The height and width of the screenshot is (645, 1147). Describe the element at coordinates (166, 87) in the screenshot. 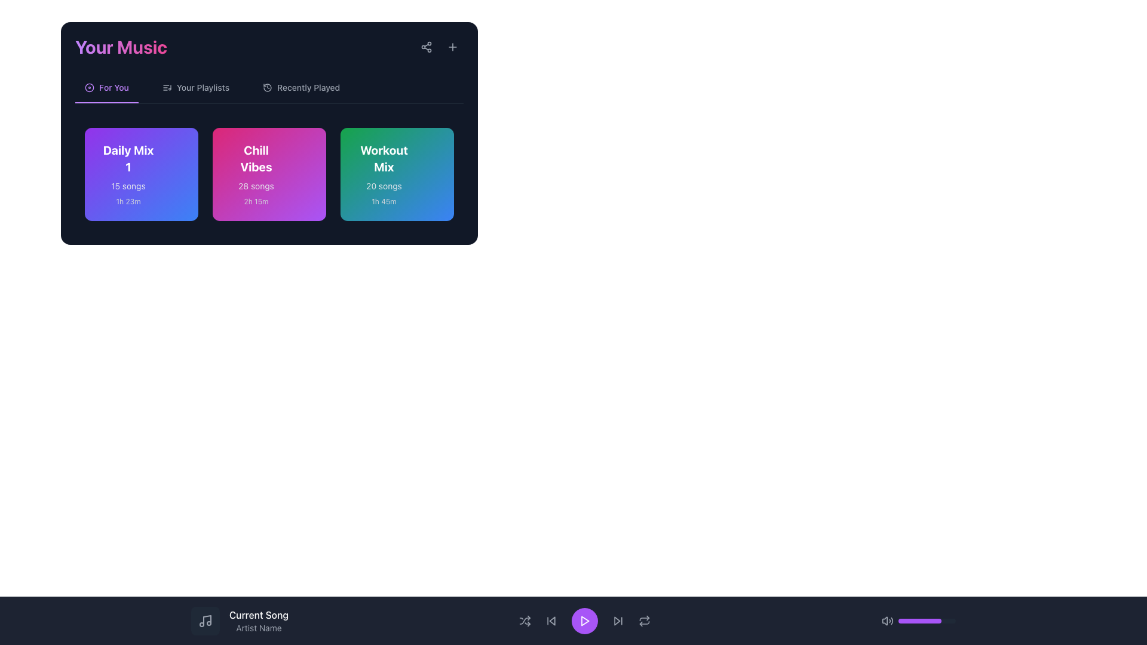

I see `the 'Your Playlists' icon which serves as a visual indicator for accessing playlists, located under the 'Your Music' header` at that location.